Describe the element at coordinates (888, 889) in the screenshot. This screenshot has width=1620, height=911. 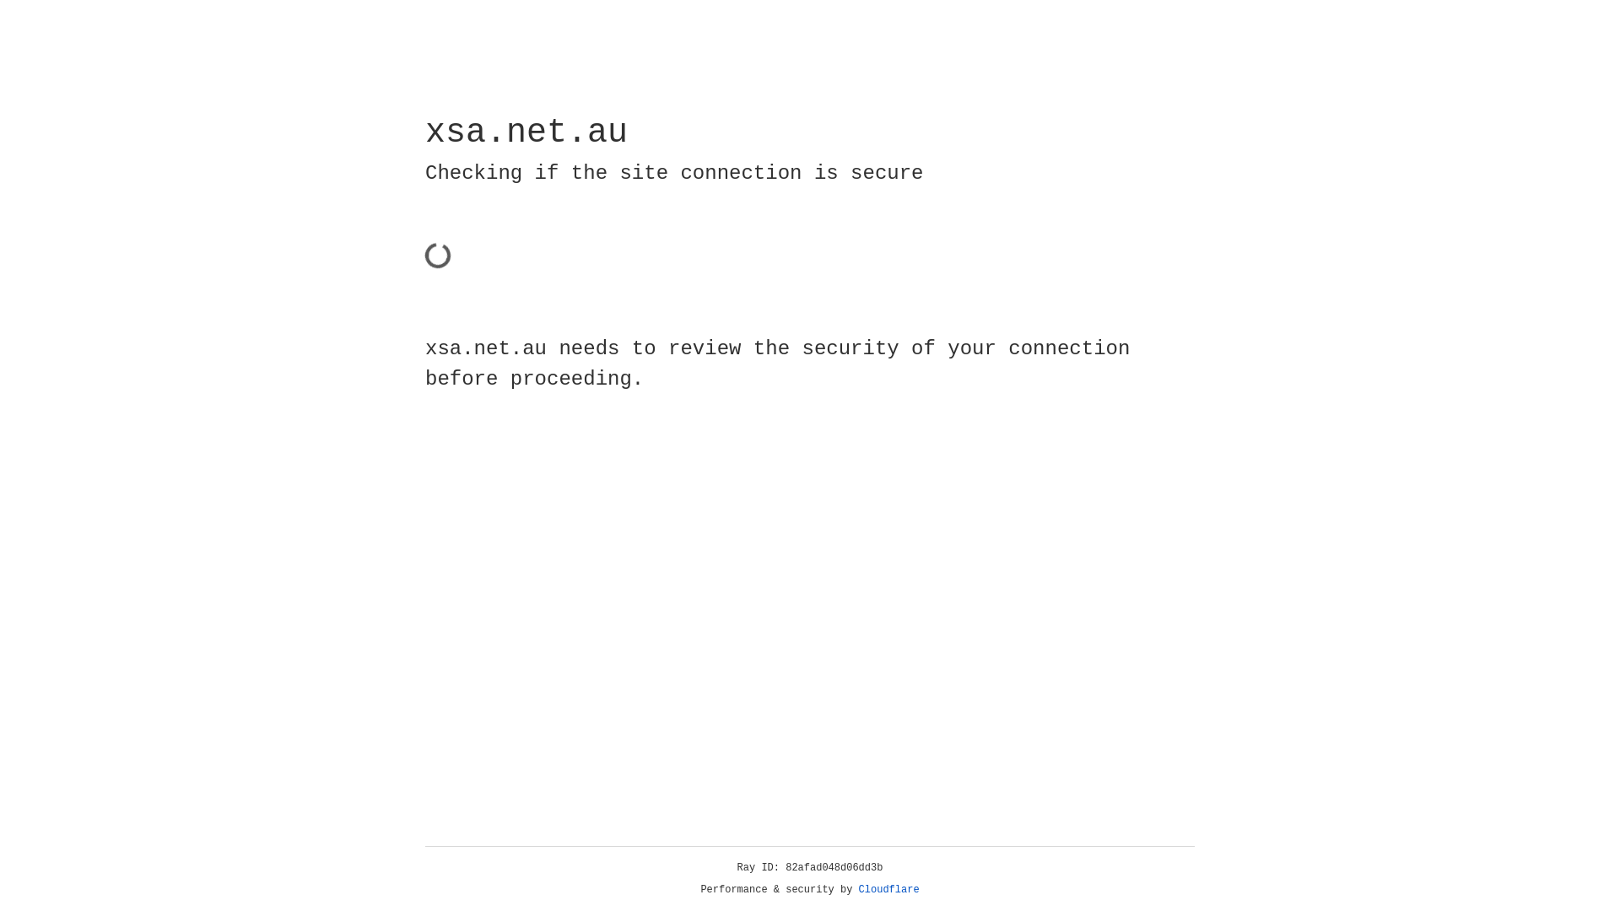
I see `'Cloudflare'` at that location.